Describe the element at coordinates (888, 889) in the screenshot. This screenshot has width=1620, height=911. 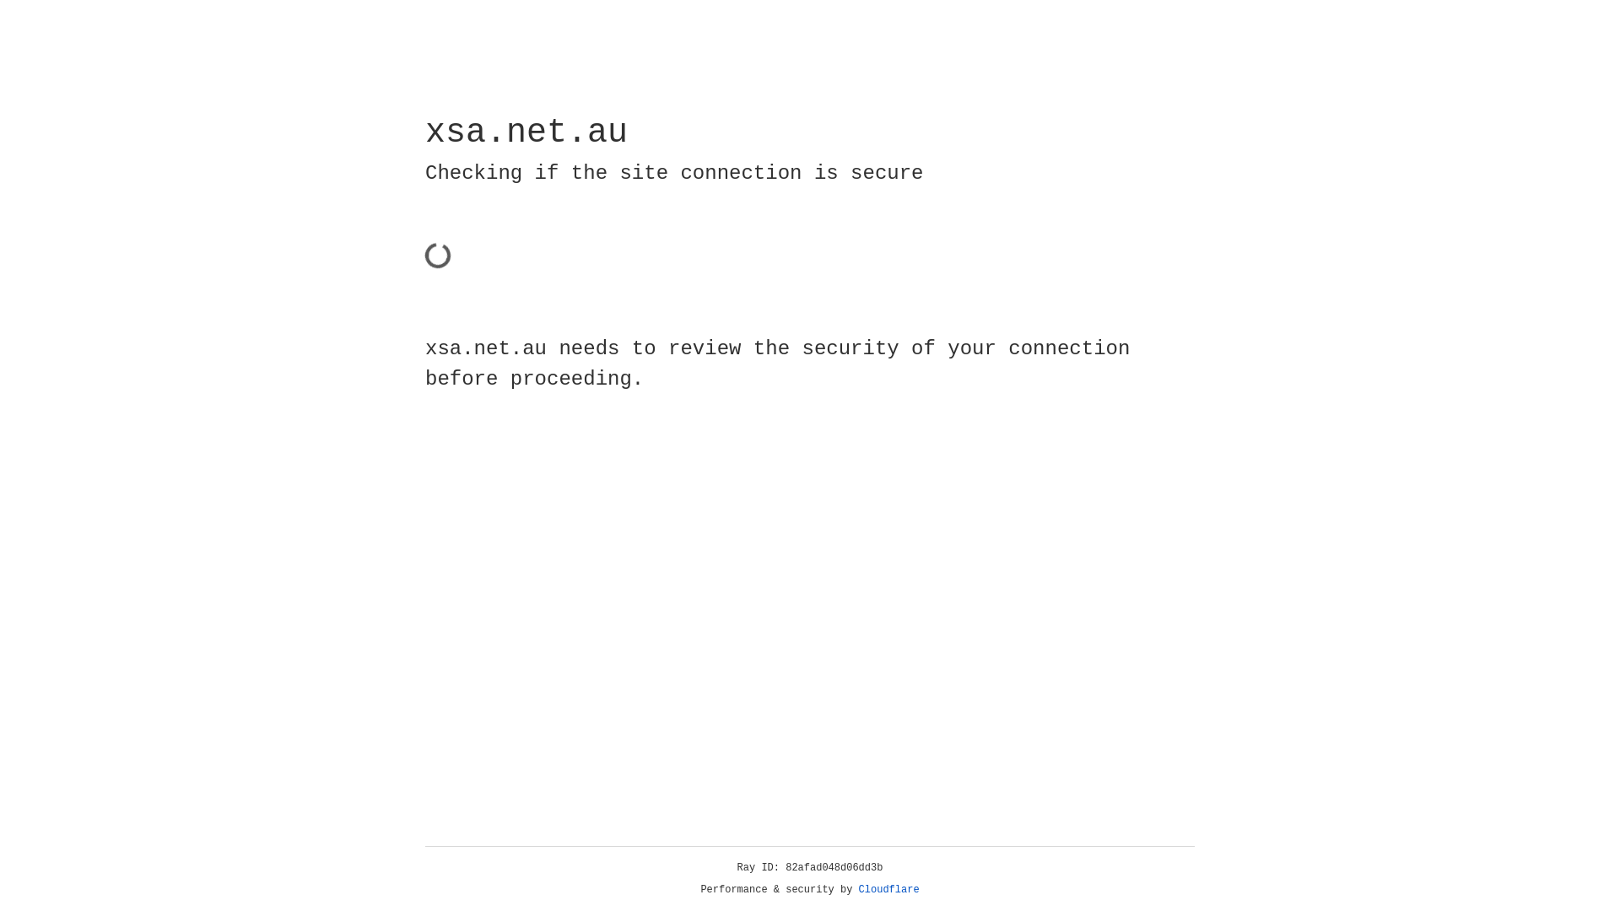
I see `'Cloudflare'` at that location.